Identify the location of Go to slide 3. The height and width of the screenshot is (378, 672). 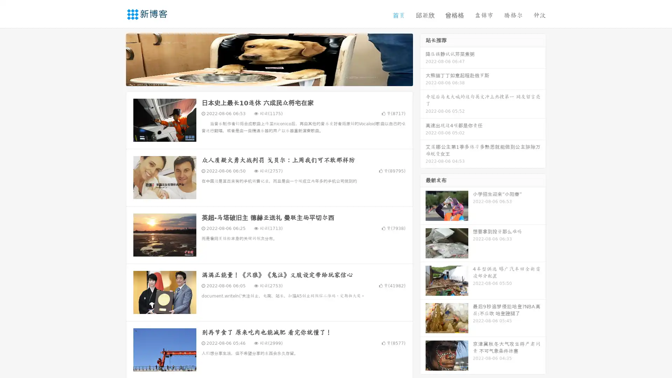
(276, 79).